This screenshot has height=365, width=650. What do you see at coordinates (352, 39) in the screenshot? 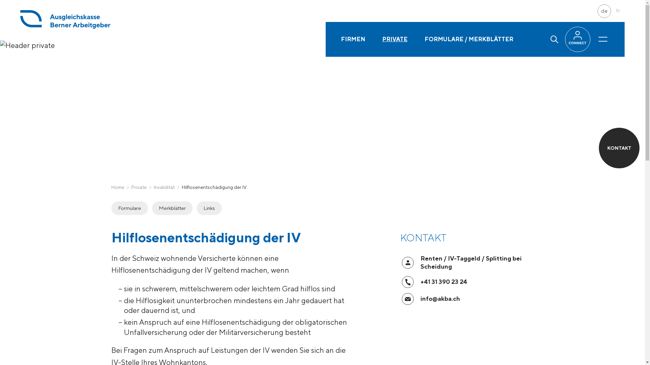
I see `'FIRMEN'` at bounding box center [352, 39].